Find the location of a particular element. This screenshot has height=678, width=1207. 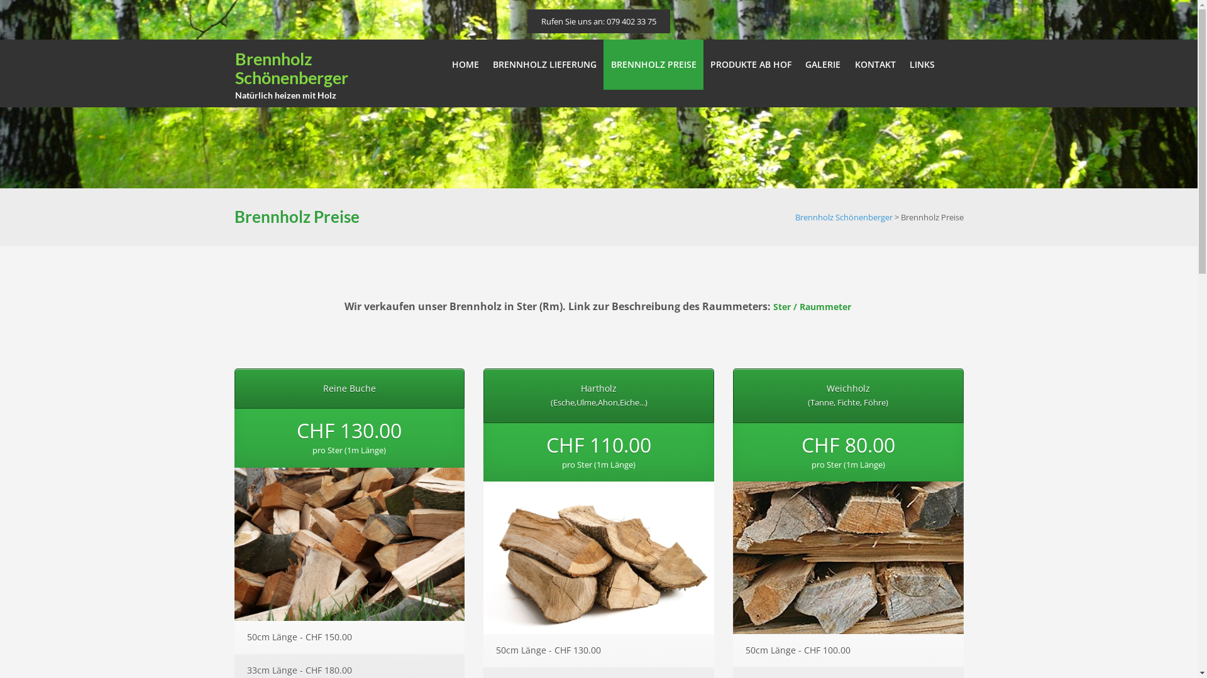

'HOME' is located at coordinates (465, 65).